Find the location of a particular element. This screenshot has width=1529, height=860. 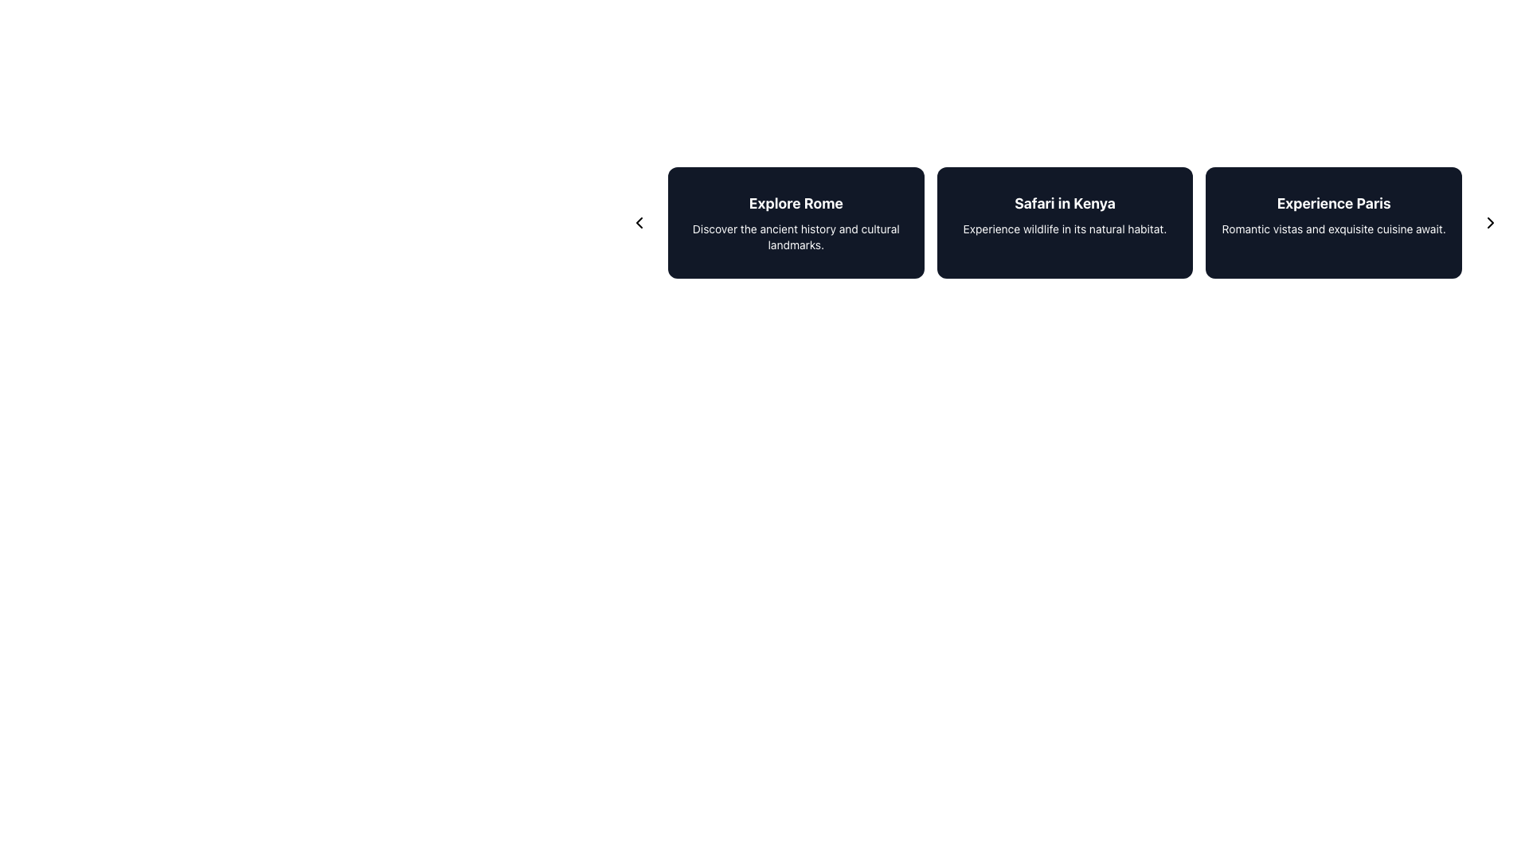

the text snippet stating 'Romantic vistas and exquisite cuisine await.' located beneath the heading 'Experience Paris' in the rightmost card is located at coordinates (1334, 229).